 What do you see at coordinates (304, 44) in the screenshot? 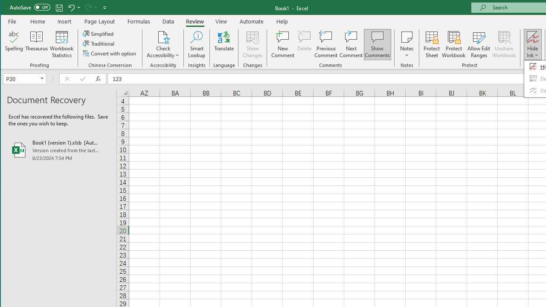
I see `'Delete'` at bounding box center [304, 44].